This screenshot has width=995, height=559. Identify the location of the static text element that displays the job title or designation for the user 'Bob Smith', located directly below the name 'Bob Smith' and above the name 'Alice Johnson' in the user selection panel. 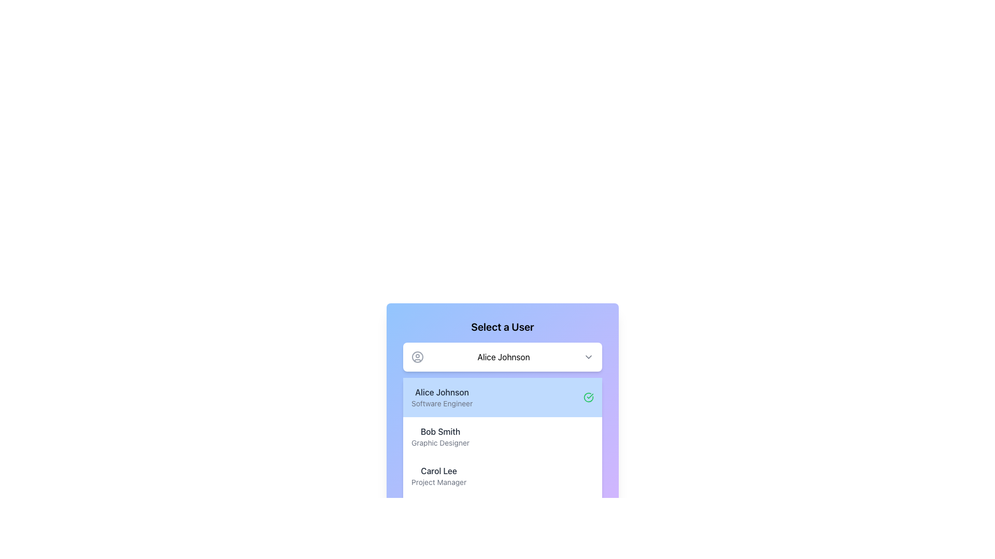
(440, 443).